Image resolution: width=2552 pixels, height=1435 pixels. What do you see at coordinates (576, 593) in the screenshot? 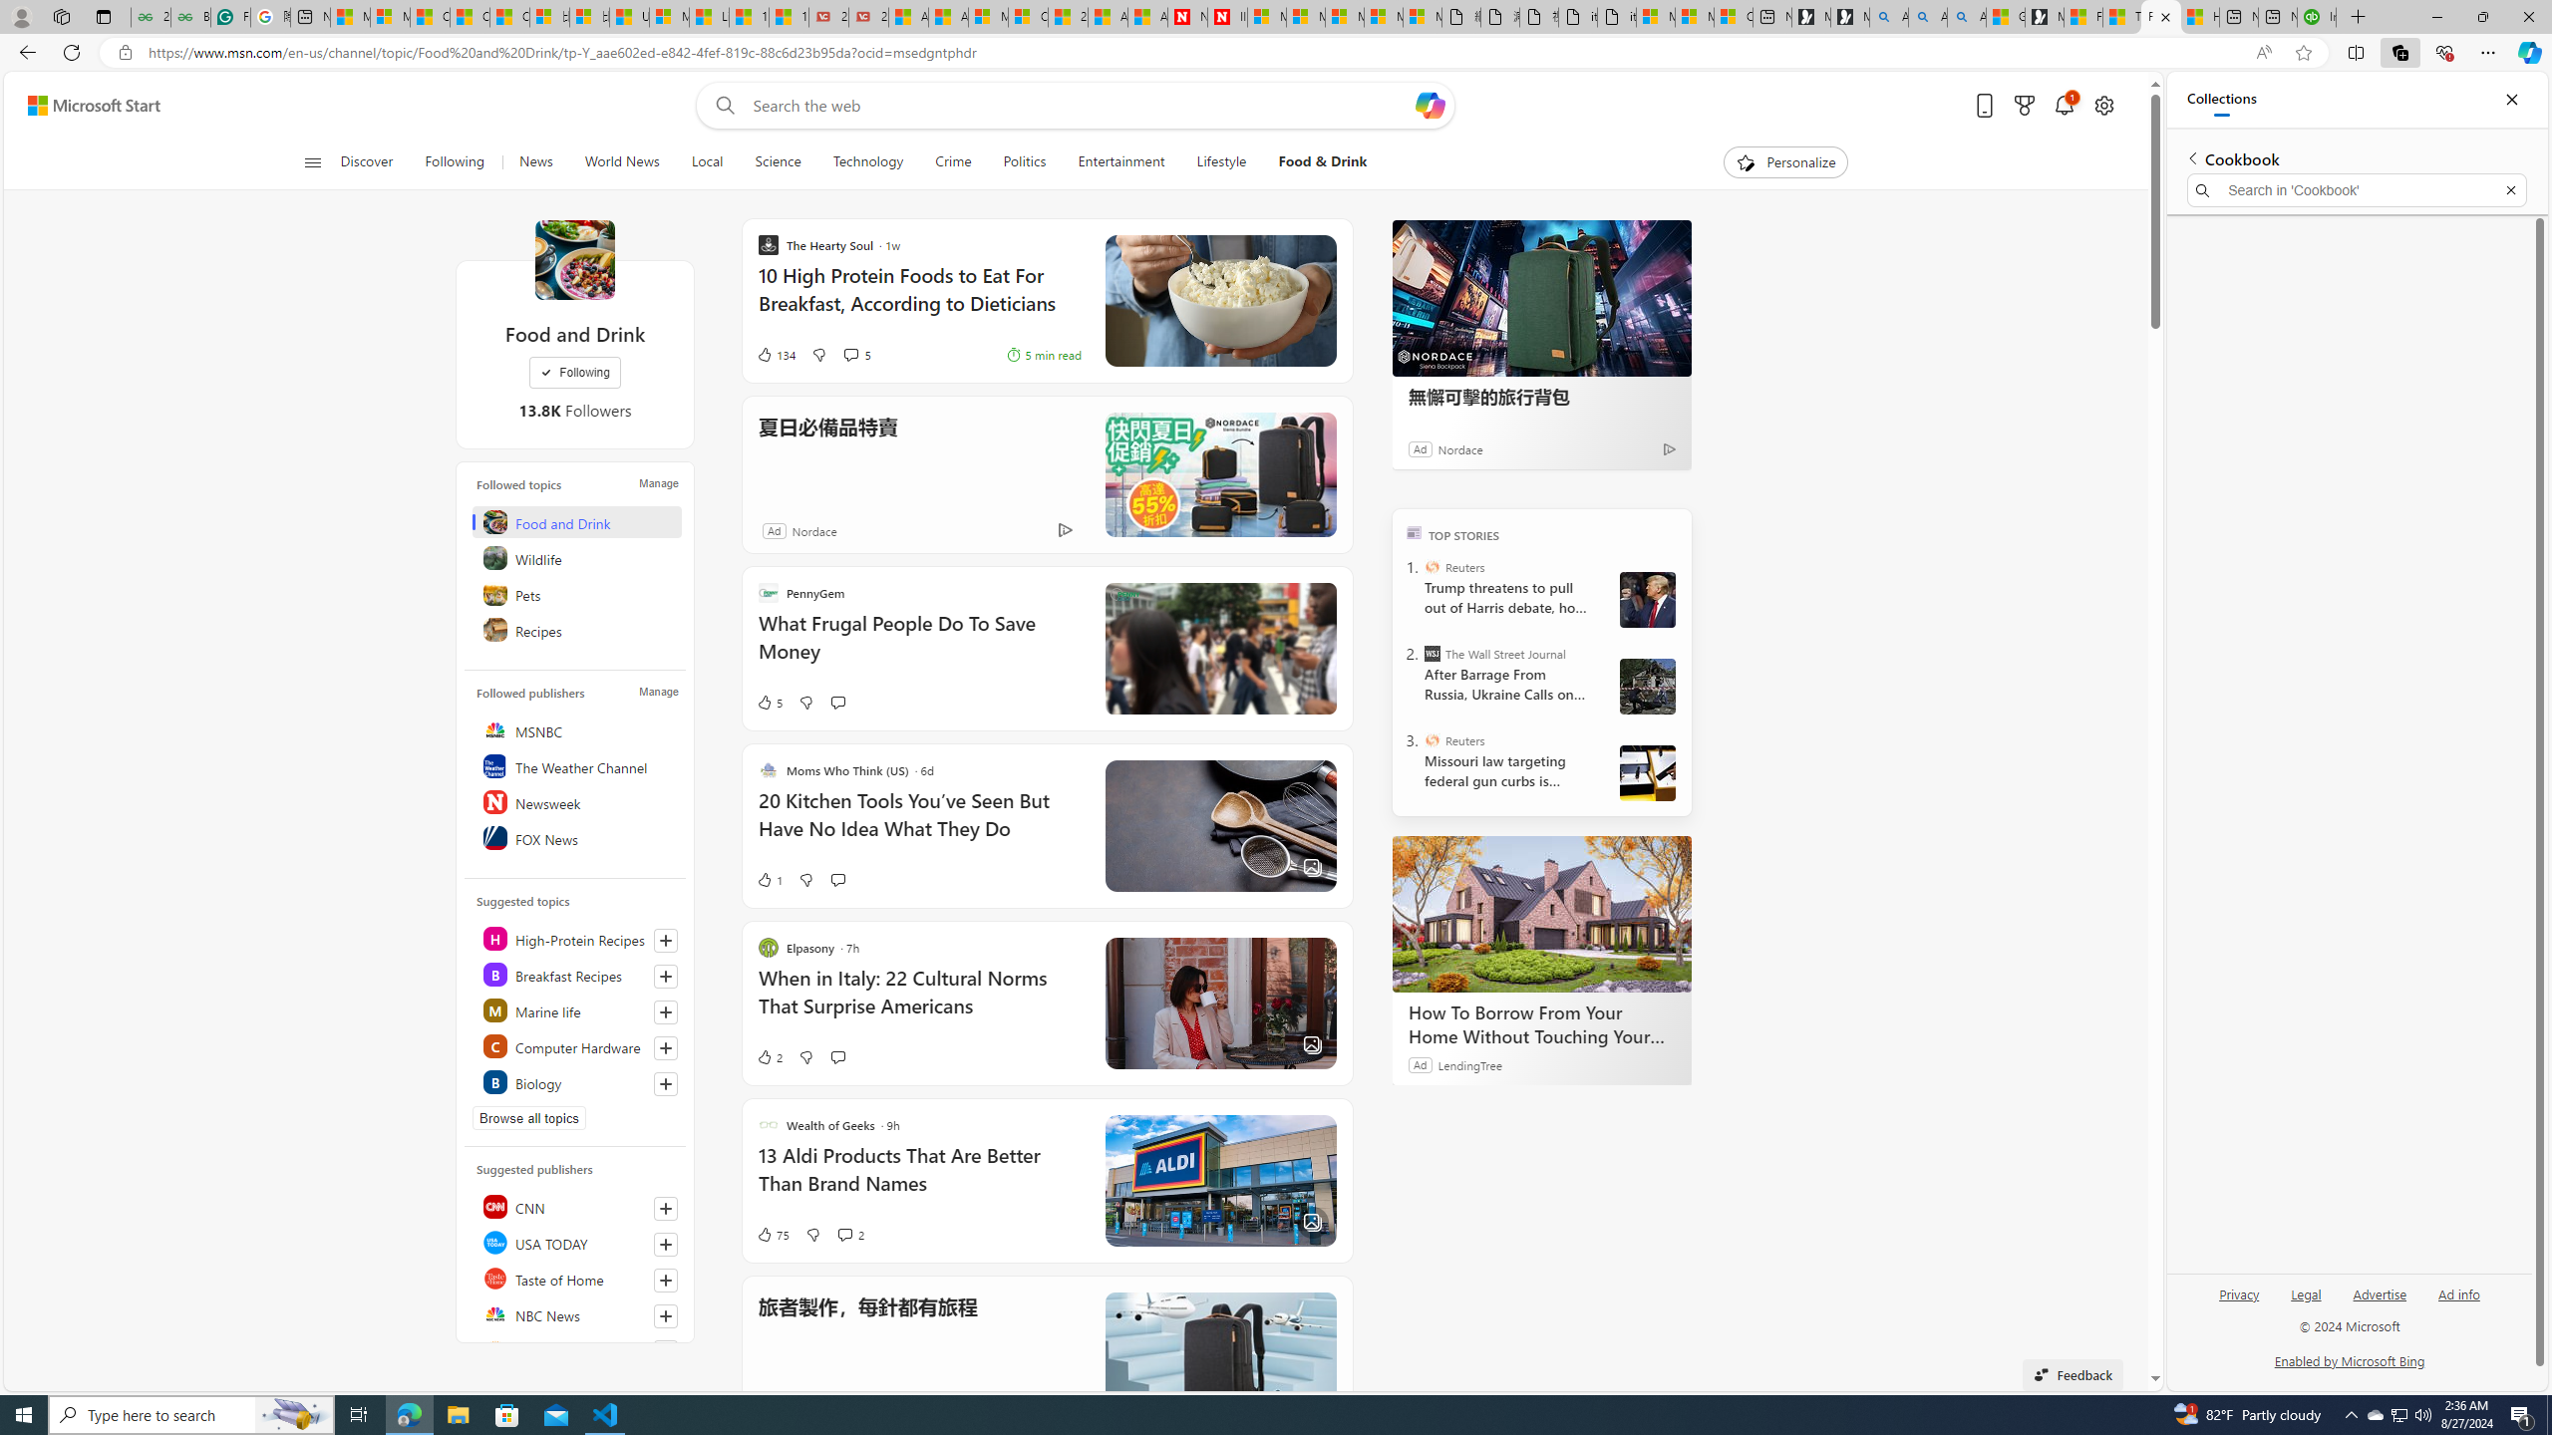
I see `'Pets'` at bounding box center [576, 593].